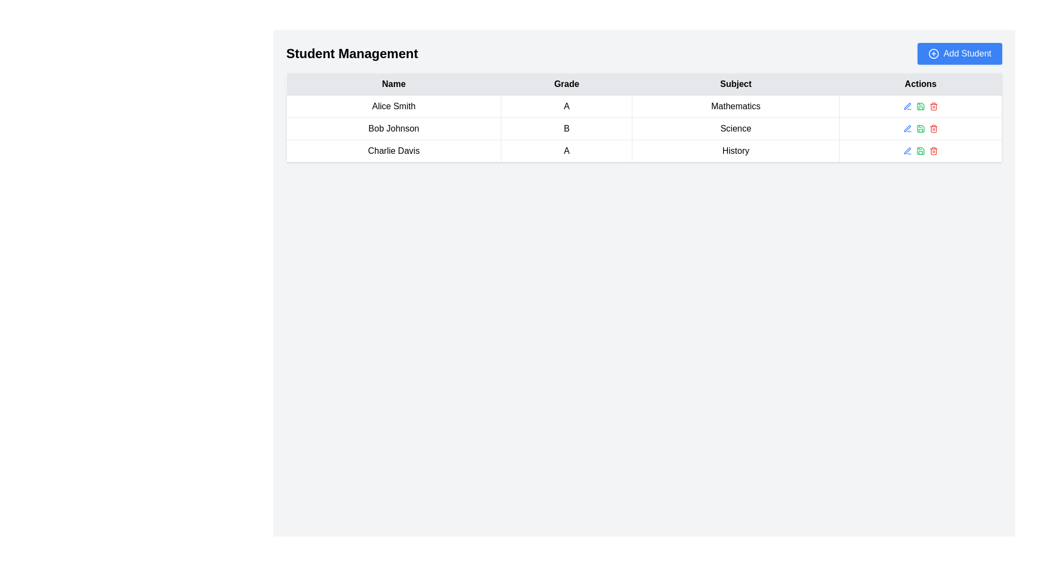 This screenshot has height=587, width=1043. I want to click on the circular icon with a plus sign inside, part of the 'Add Student' button located in the top-right corner of the interface, so click(933, 54).